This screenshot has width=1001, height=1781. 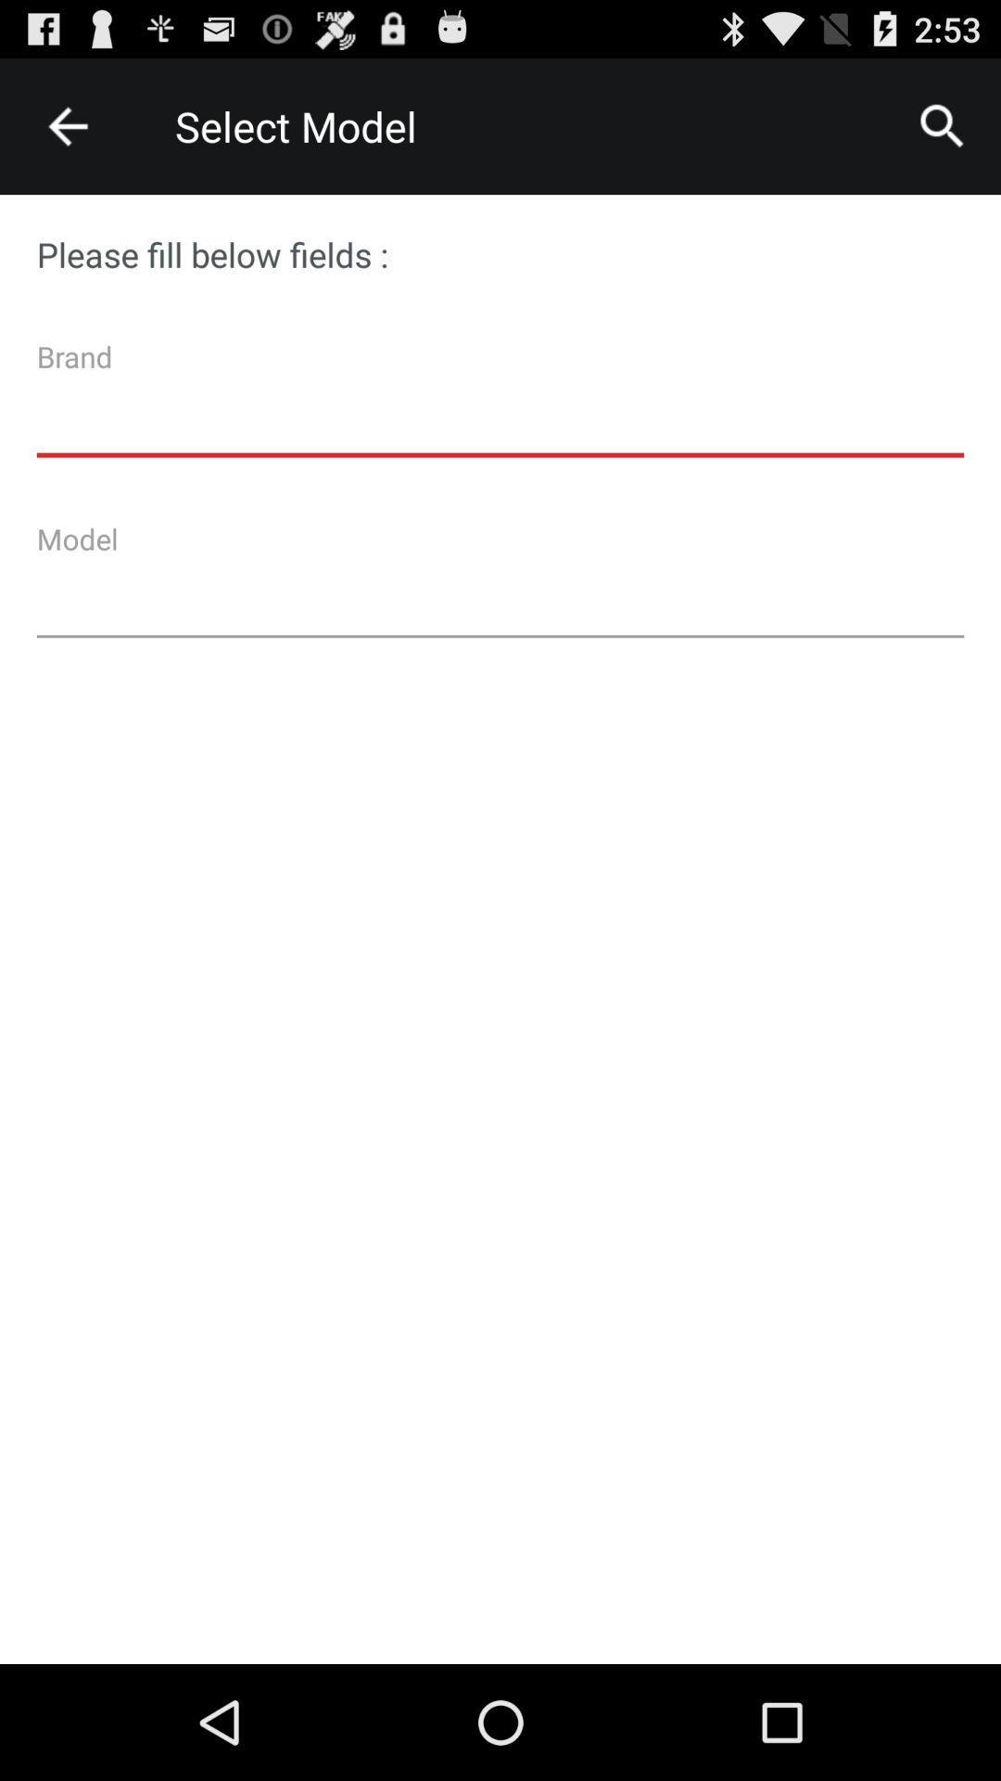 What do you see at coordinates (943, 125) in the screenshot?
I see `item to the right of the select model item` at bounding box center [943, 125].